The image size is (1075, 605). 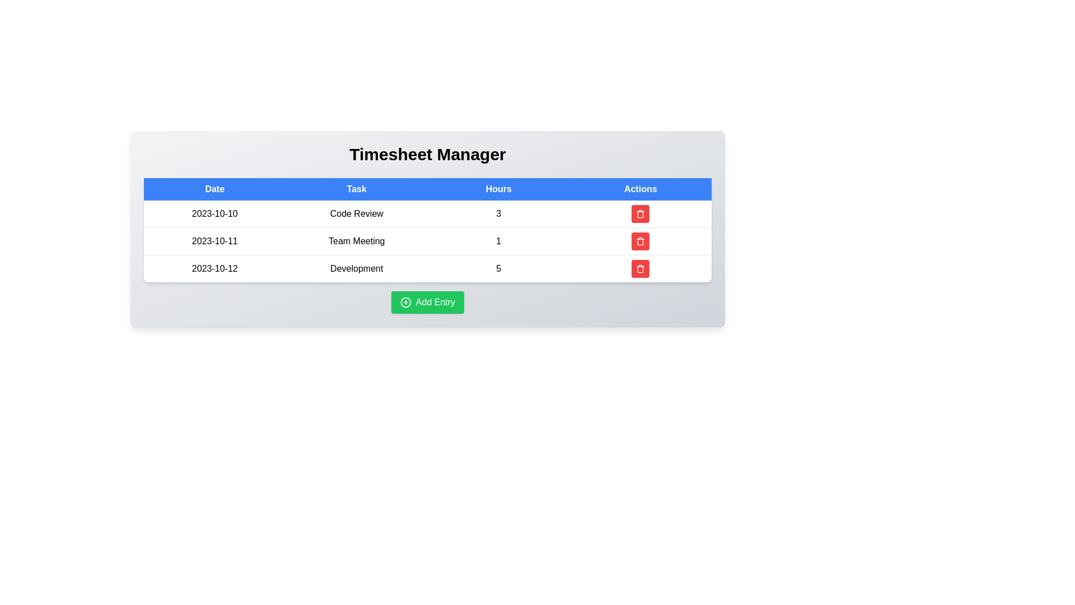 I want to click on the static text label displaying the numeral '1' located in the 'Hours' column of the 'Team Meeting' row in the table, so click(x=498, y=241).